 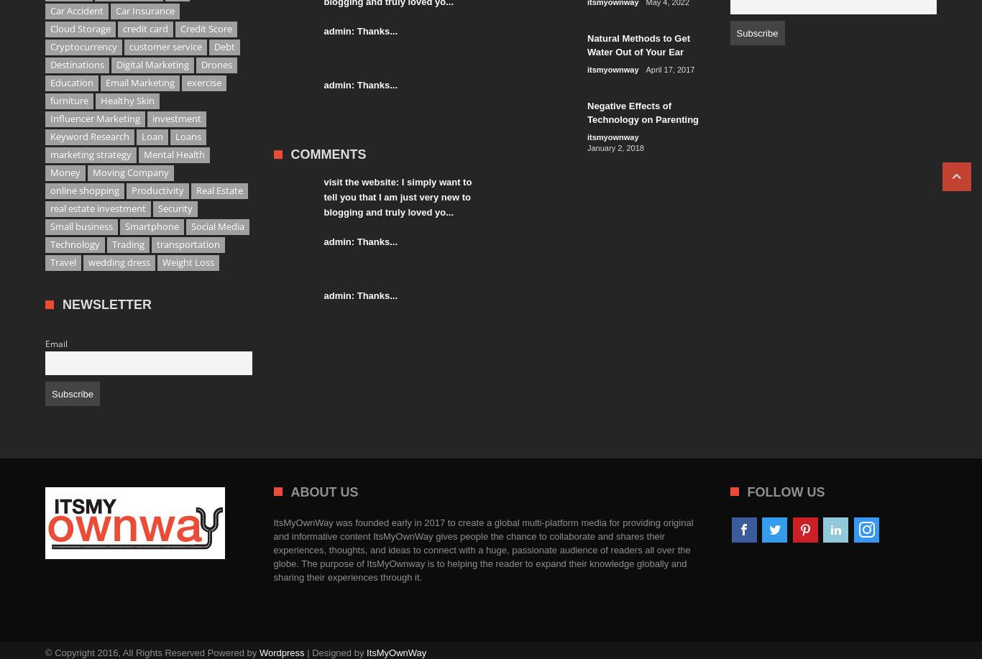 What do you see at coordinates (56, 343) in the screenshot?
I see `'Email'` at bounding box center [56, 343].